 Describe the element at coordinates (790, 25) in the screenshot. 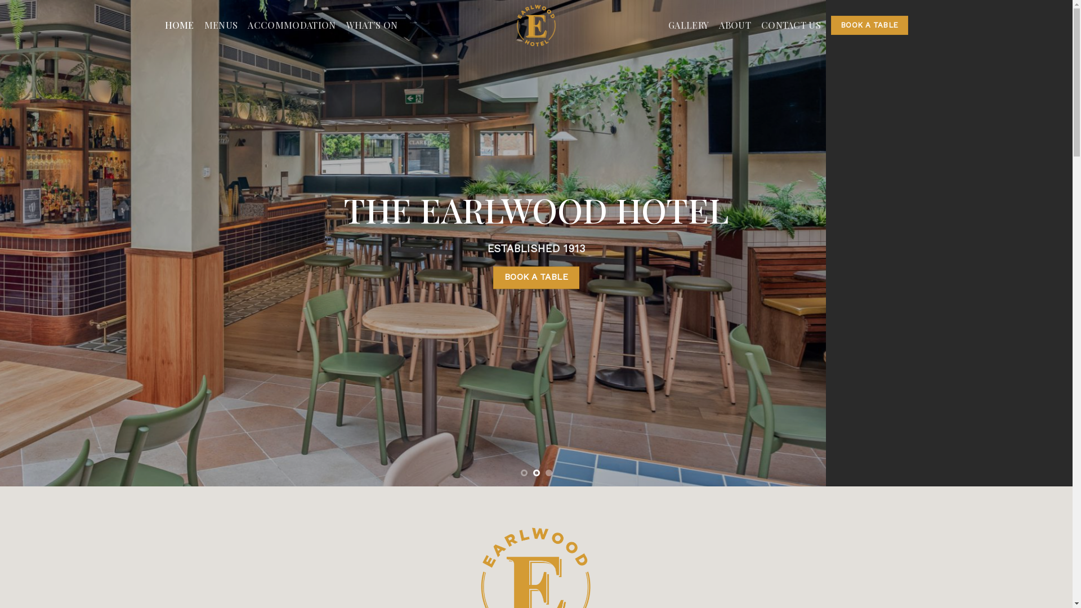

I see `'CONTACT US'` at that location.